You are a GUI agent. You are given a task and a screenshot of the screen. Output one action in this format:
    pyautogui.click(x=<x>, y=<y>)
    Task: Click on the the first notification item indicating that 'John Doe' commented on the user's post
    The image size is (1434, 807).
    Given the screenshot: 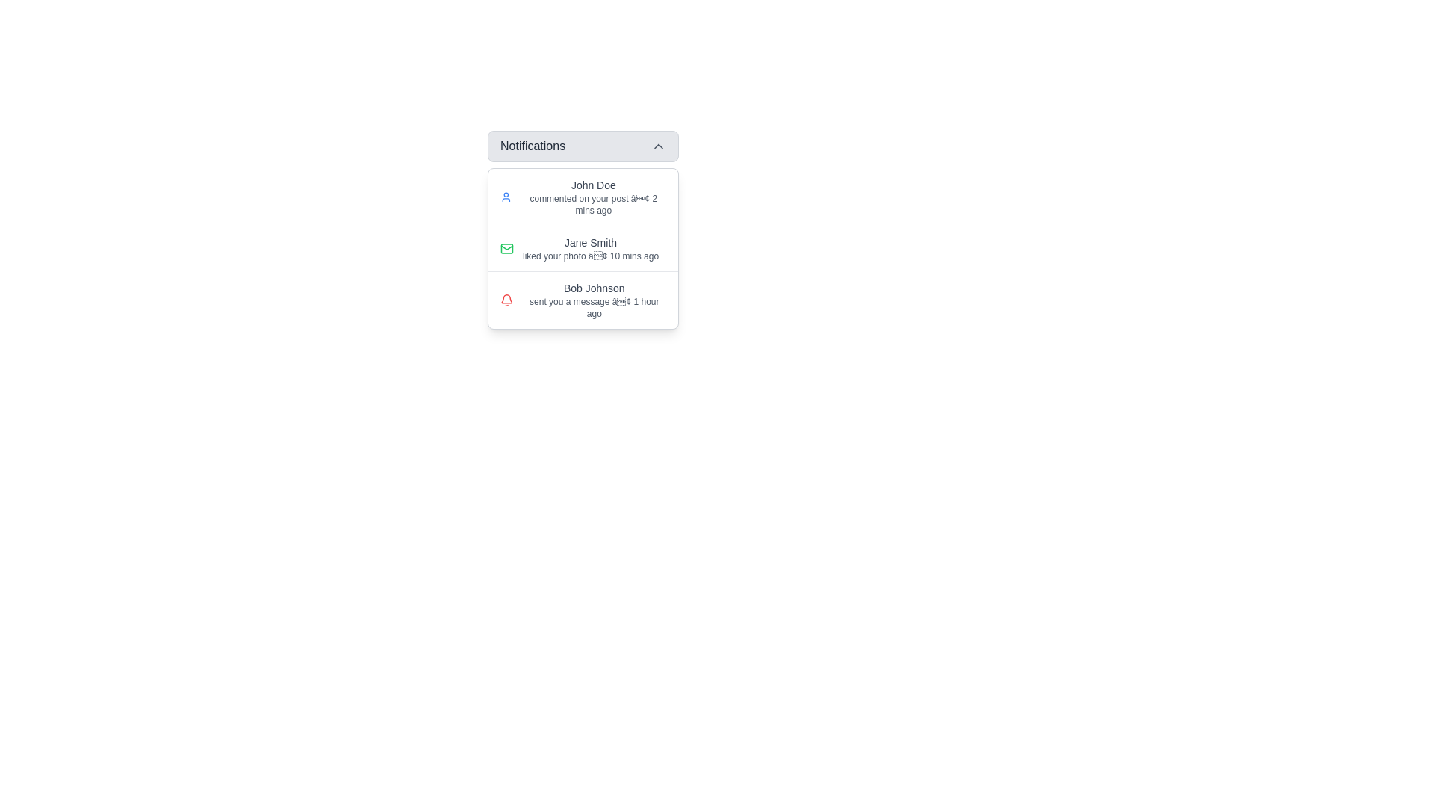 What is the action you would take?
    pyautogui.click(x=583, y=196)
    